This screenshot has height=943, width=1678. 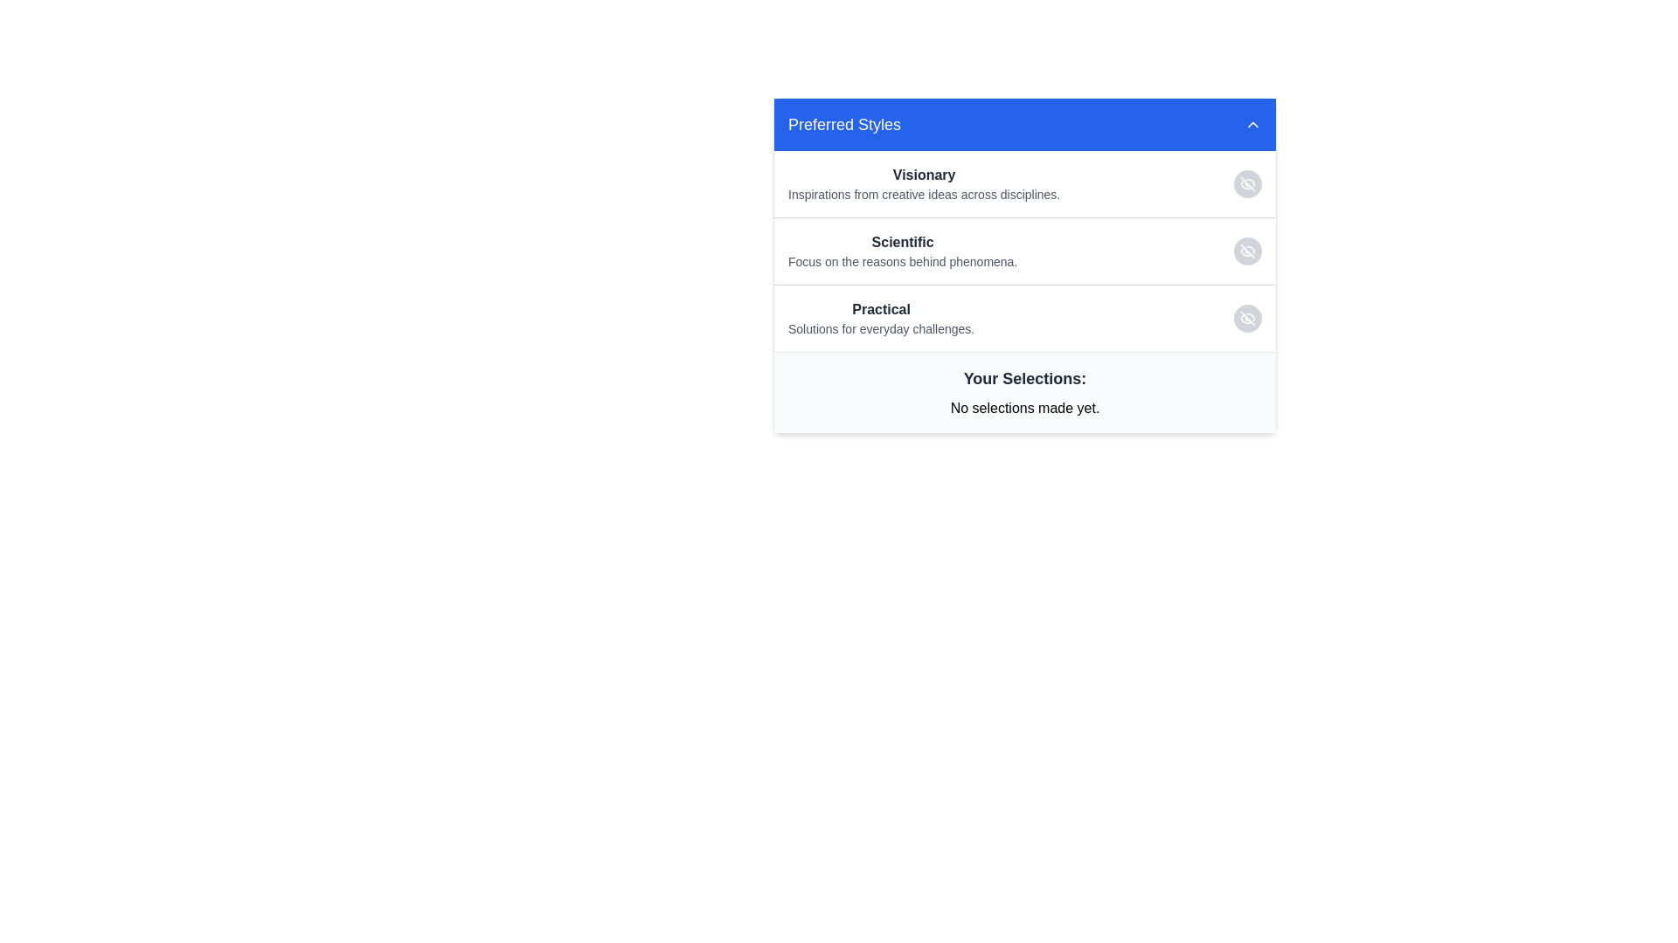 I want to click on the circular icon button in the third row of the 'Preferred Styles' section, so click(x=1247, y=319).